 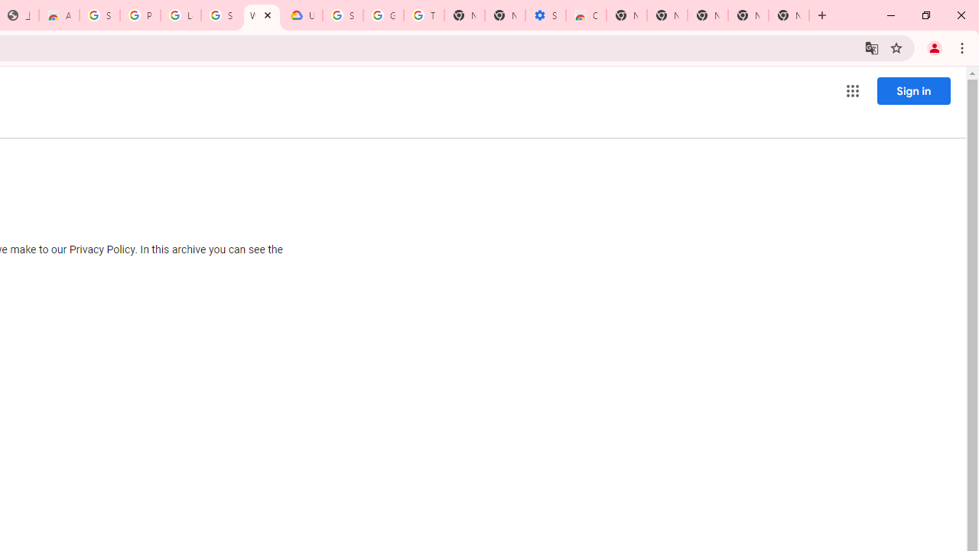 I want to click on 'Google Account Help', so click(x=383, y=15).